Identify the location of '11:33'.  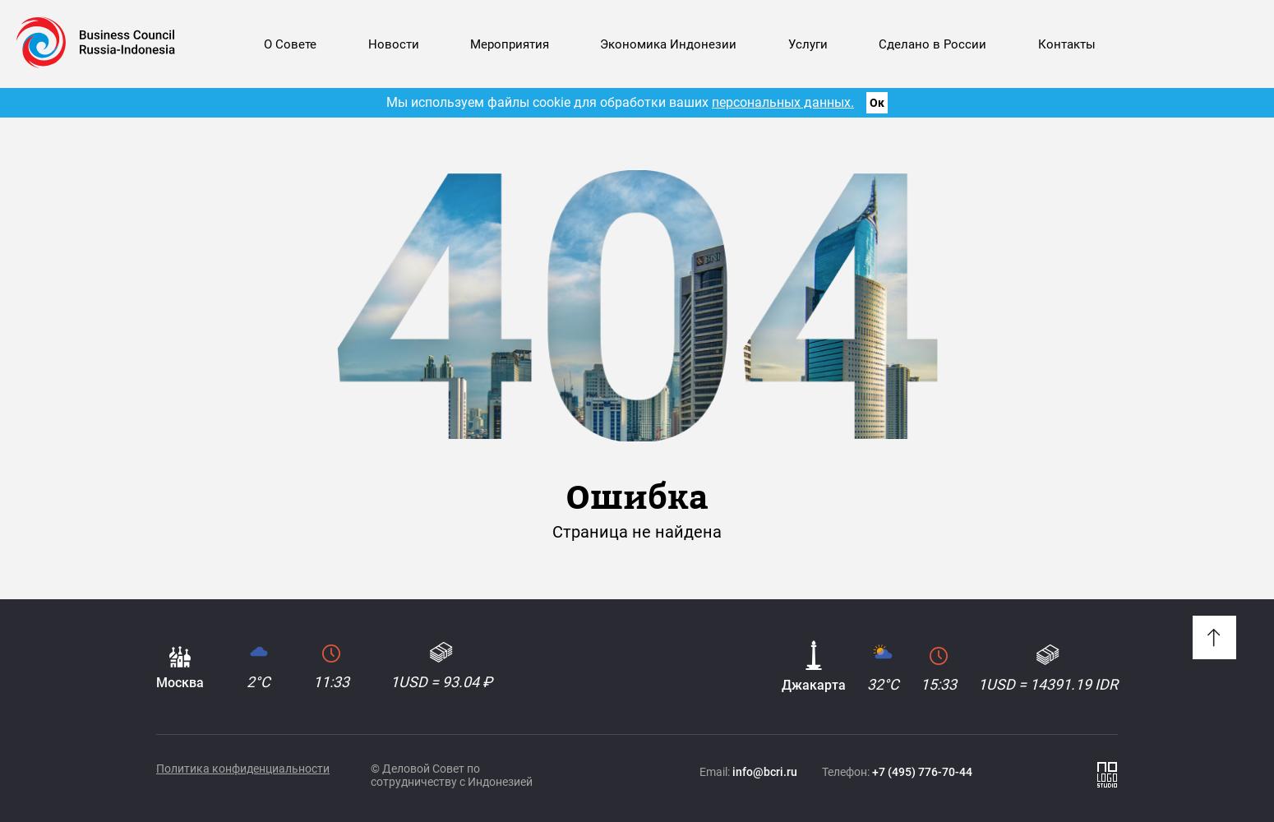
(330, 681).